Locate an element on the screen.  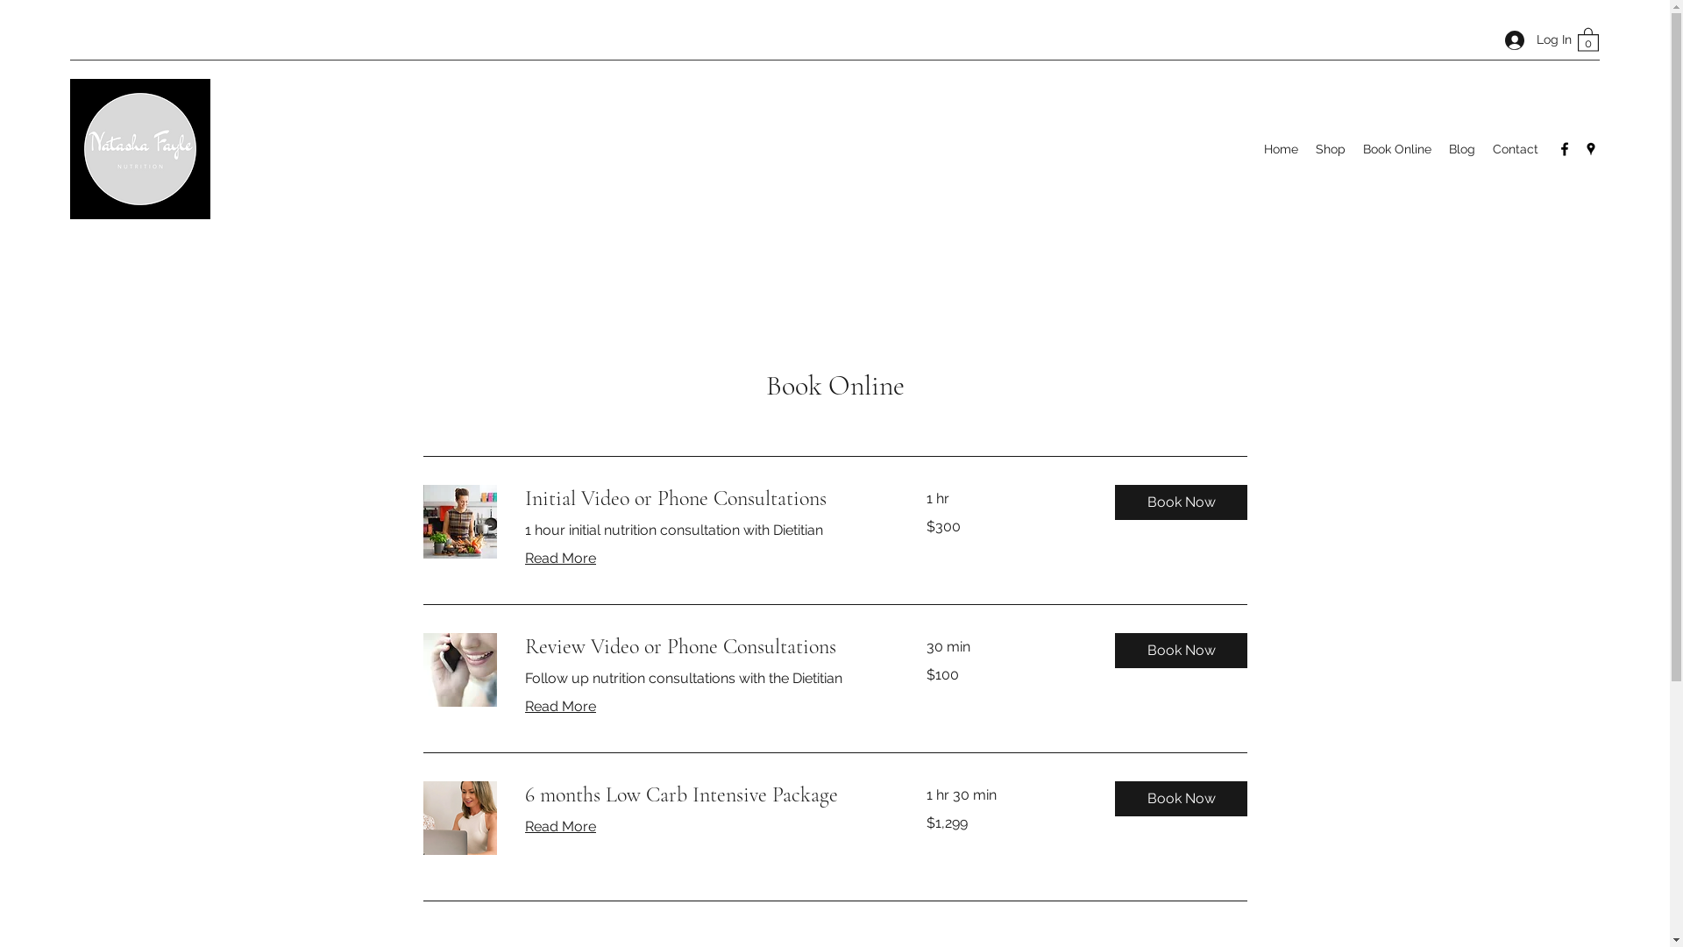
'6 months Low Carb Intensive Package' is located at coordinates (703, 794).